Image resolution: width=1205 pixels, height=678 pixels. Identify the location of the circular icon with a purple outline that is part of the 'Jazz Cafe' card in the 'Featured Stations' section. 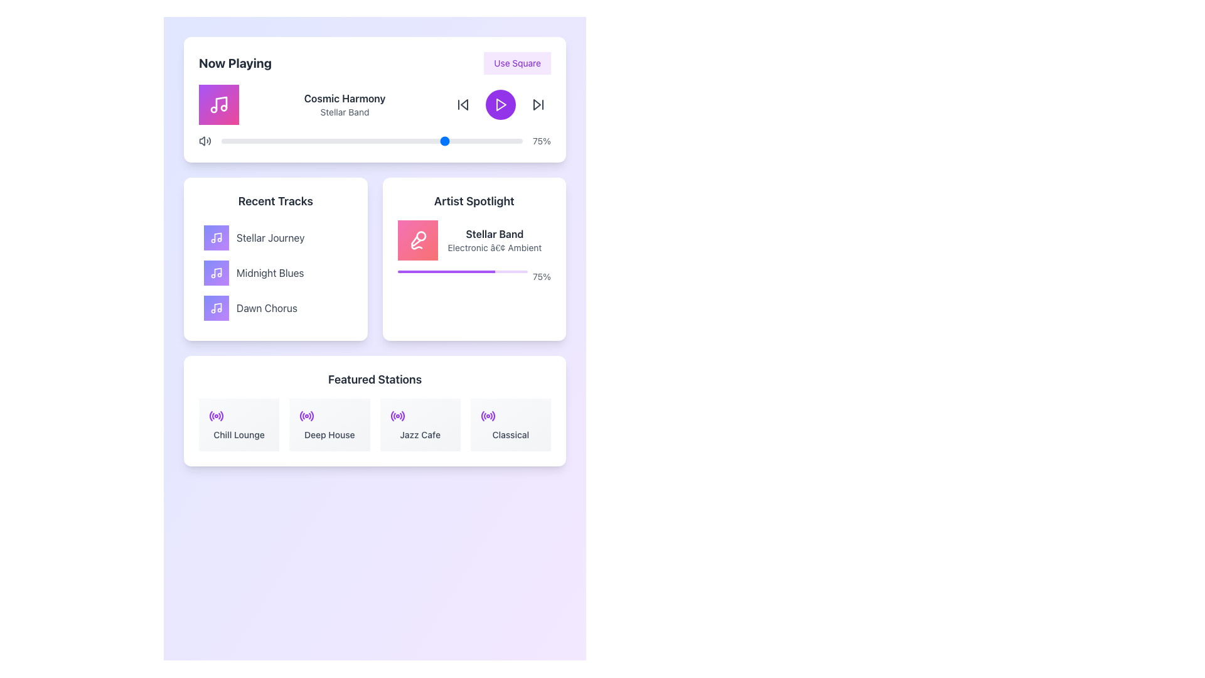
(397, 416).